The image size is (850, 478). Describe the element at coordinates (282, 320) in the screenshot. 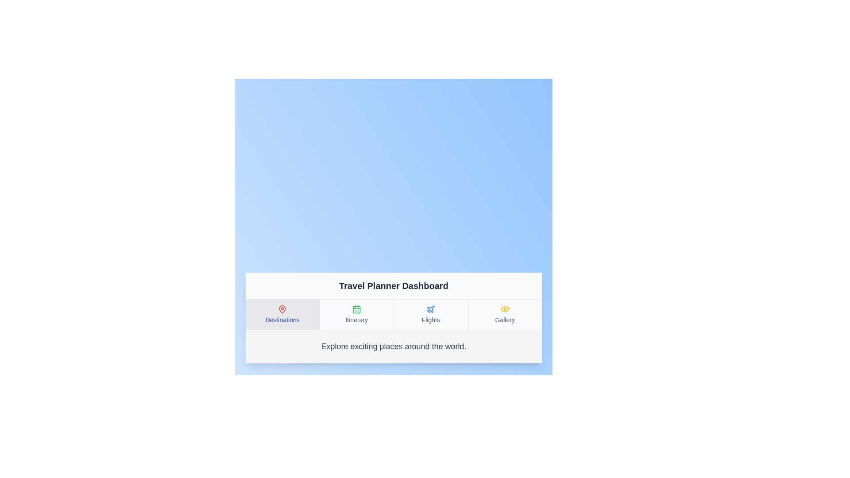

I see `the 'Destinations' text label, which is a small-sized text positioned below a red map pin icon in the navigation section of the UI` at that location.